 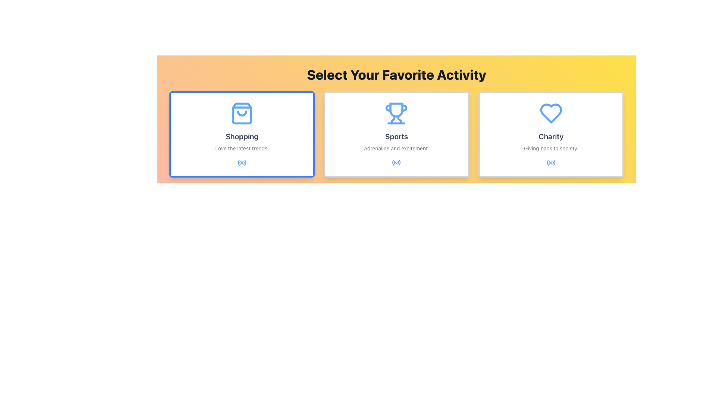 I want to click on the 'Sports' activity text label, which serves as a heading or title, located centrally within the card just below the trophy icon, so click(x=396, y=136).